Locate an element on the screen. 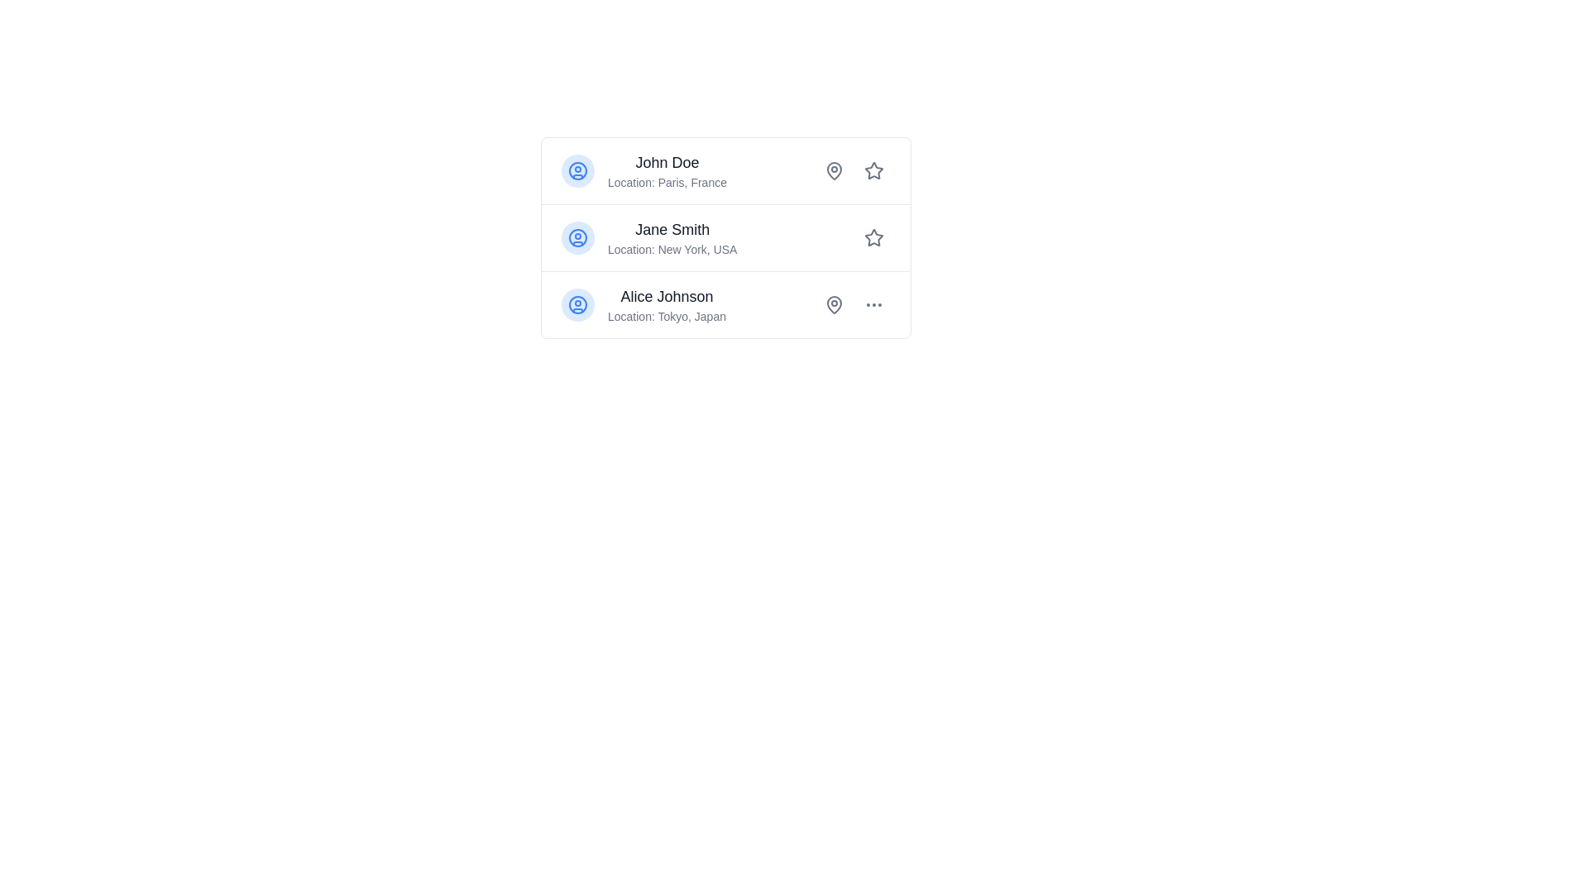 Image resolution: width=1588 pixels, height=893 pixels. the user profile icon for 'John Doe', which is the first icon in the list, located within a rounded, light-blue background is located at coordinates (578, 171).